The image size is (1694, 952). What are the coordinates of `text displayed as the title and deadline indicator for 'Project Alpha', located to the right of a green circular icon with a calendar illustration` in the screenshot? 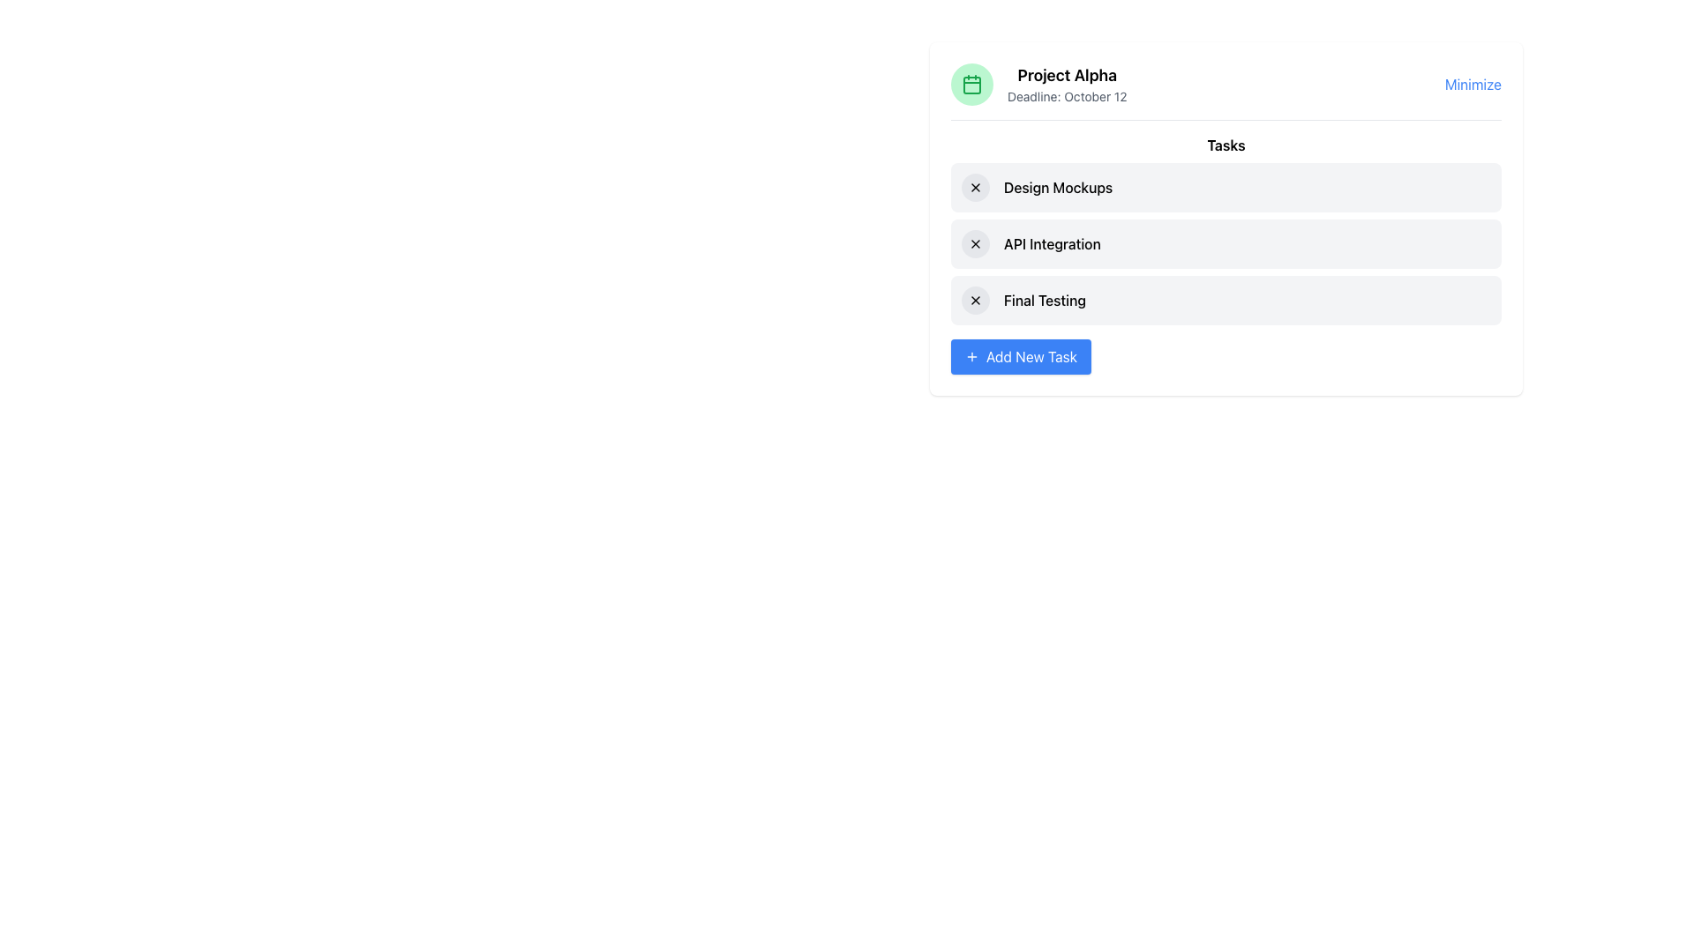 It's located at (1066, 85).